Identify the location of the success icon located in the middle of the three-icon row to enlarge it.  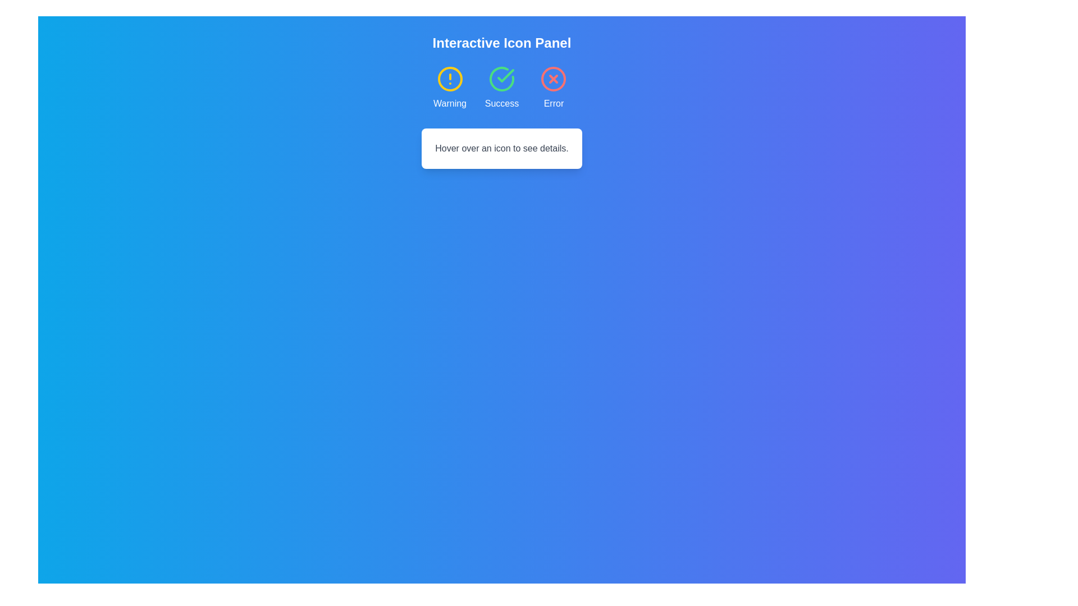
(501, 79).